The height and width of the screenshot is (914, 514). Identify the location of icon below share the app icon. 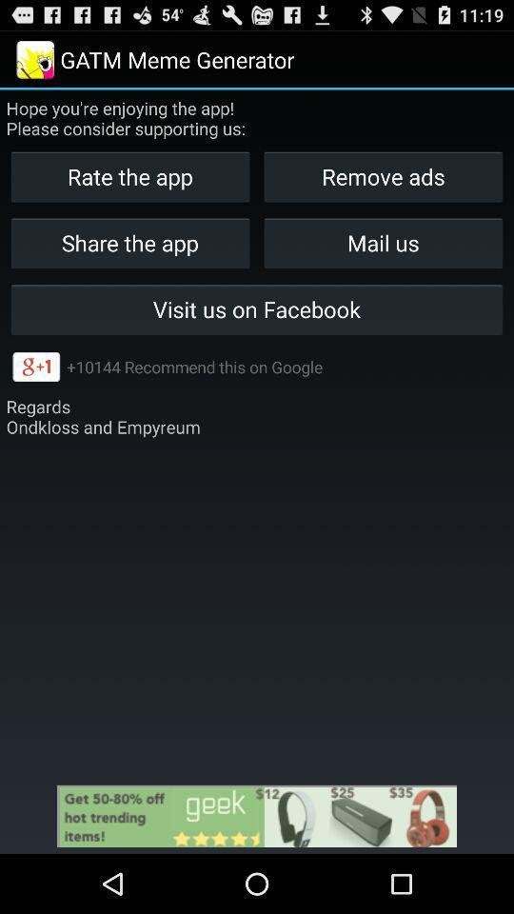
(257, 309).